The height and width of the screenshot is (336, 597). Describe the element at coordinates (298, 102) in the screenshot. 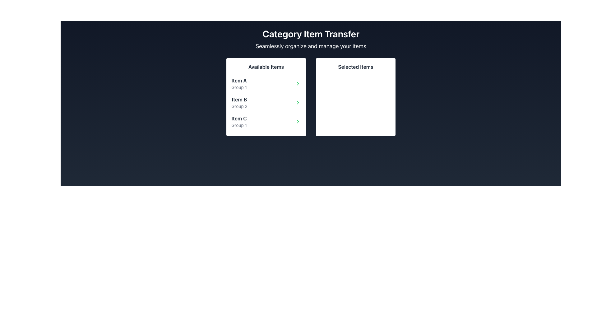

I see `the chevron/arrow icon located to the right of 'Item B, Group 2' in the 'Available Items' section` at that location.